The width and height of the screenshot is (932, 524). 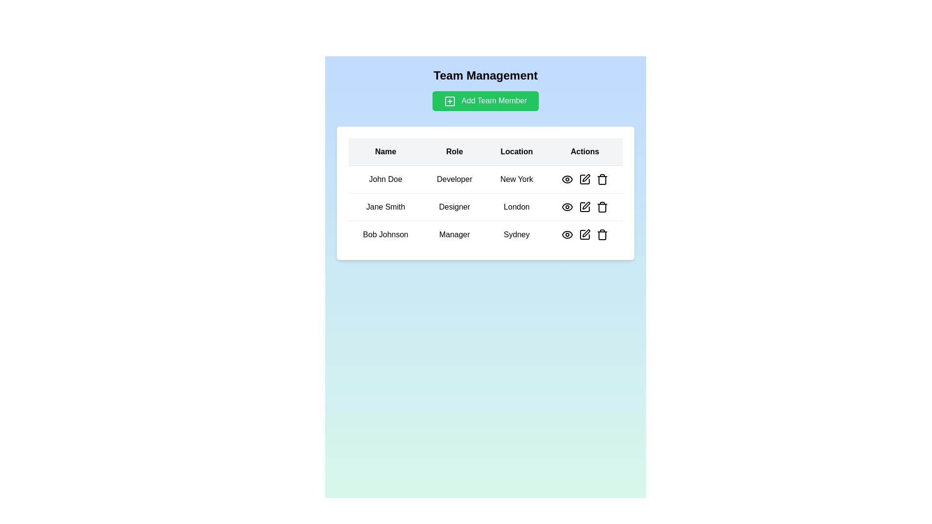 I want to click on the edit button in the 'Actions' column of the first row in the 'Team Management' table, so click(x=584, y=179).